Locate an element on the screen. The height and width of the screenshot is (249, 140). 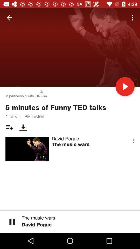
icon above the in partnership with item is located at coordinates (9, 18).